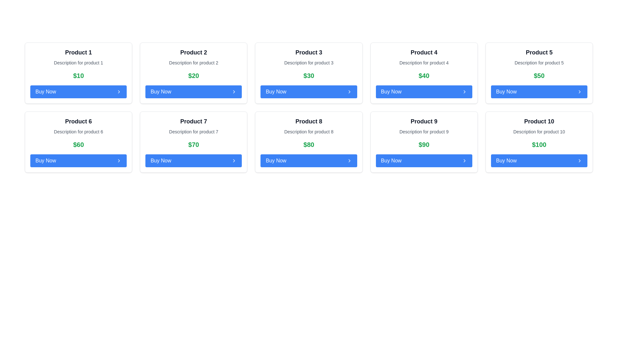 This screenshot has width=619, height=348. What do you see at coordinates (580, 160) in the screenshot?
I see `the chevron icon located at the bottom-right corner of the 'Buy Now' button for 'Product 10'` at bounding box center [580, 160].